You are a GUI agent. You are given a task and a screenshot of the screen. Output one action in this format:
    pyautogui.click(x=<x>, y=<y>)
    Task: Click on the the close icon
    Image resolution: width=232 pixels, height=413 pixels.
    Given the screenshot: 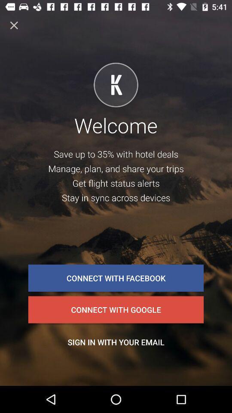 What is the action you would take?
    pyautogui.click(x=13, y=25)
    